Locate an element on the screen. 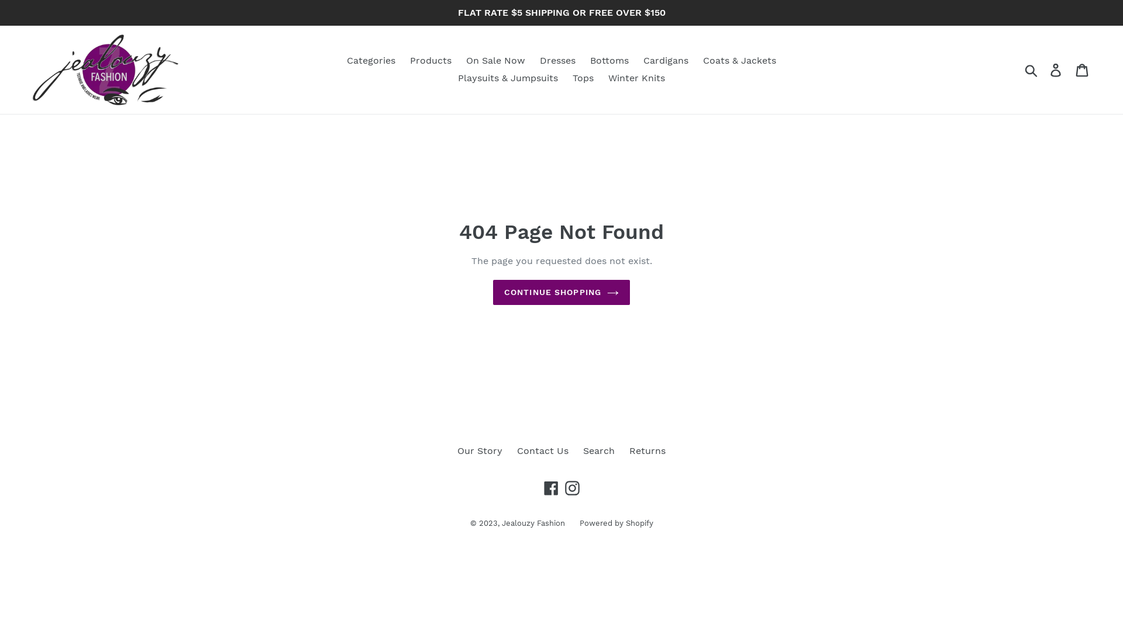 This screenshot has height=631, width=1123. 'Log in' is located at coordinates (1042, 70).